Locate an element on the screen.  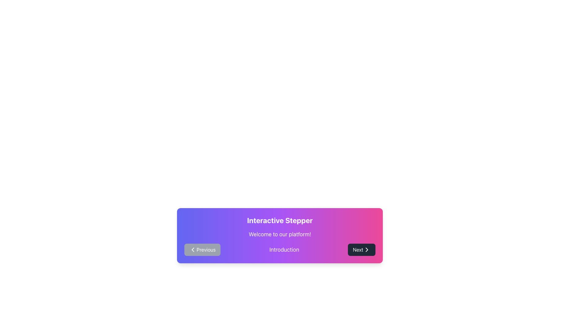
the bold, centrally aligned text header reading 'Interactive Stepper', which is styled with a clean white font against a gradient background transitioning from indigo through purple to pink is located at coordinates (279, 220).